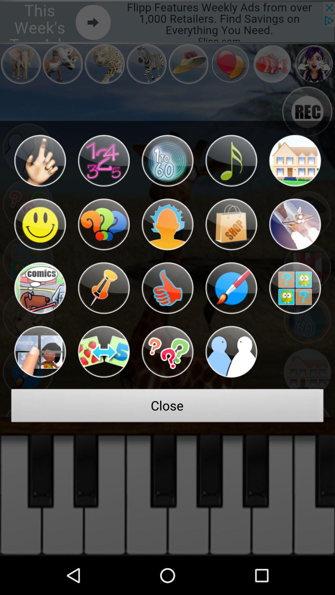 This screenshot has height=595, width=335. I want to click on the swap icon, so click(103, 376).